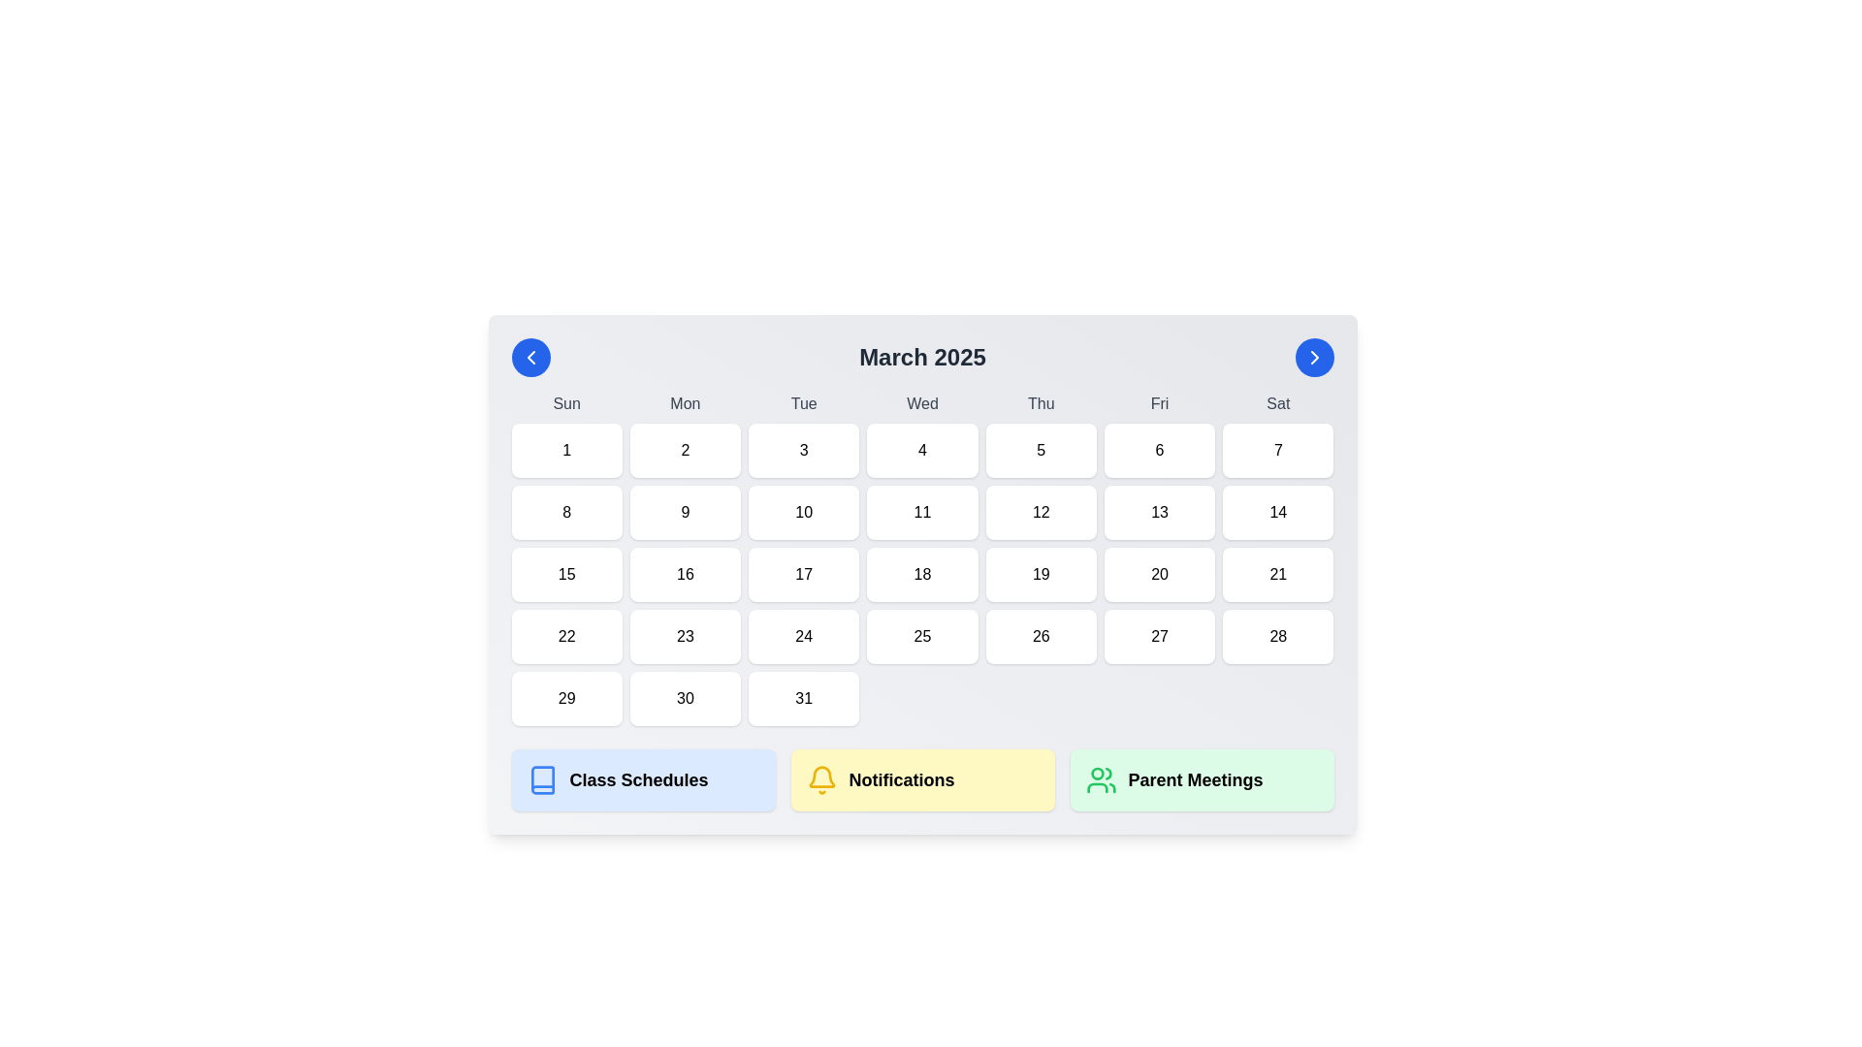 The width and height of the screenshot is (1862, 1047). Describe the element at coordinates (921, 358) in the screenshot. I see `the date indicator text display element that shows the current month and year at the top center of the calendar interface` at that location.